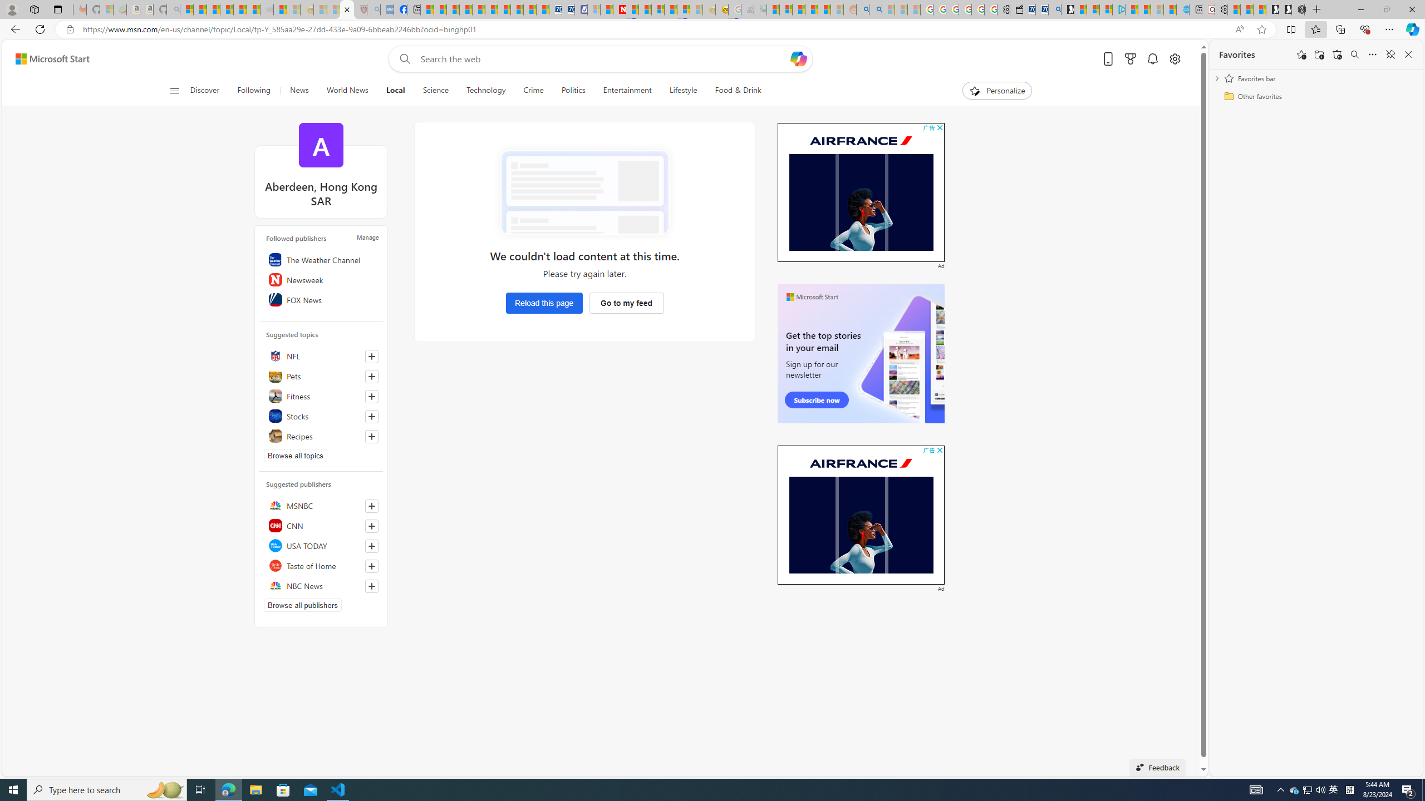  What do you see at coordinates (372, 436) in the screenshot?
I see `'Follow this topic'` at bounding box center [372, 436].